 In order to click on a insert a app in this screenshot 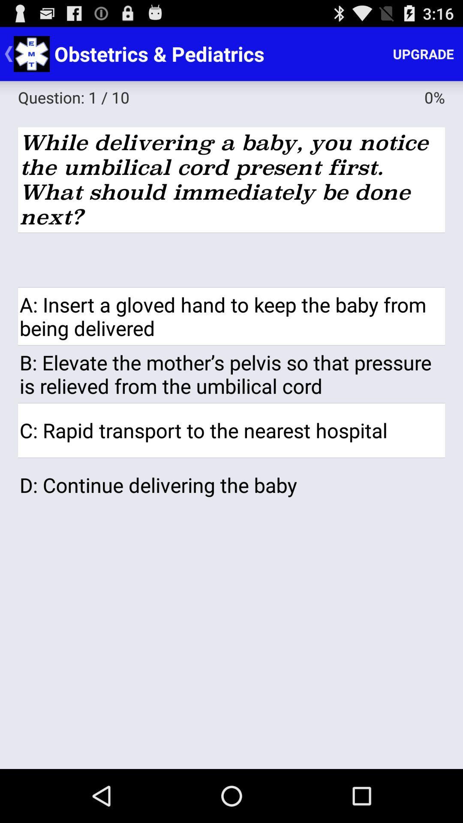, I will do `click(231, 316)`.